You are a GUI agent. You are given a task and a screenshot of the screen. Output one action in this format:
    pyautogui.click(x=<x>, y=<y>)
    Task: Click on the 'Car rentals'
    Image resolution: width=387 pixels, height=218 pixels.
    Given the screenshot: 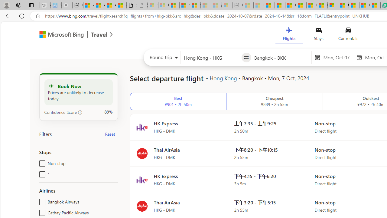 What is the action you would take?
    pyautogui.click(x=348, y=35)
    